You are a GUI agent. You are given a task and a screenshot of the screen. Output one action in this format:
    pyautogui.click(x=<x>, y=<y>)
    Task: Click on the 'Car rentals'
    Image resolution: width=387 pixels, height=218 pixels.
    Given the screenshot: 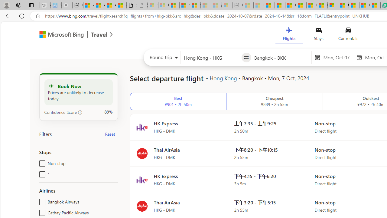 What is the action you would take?
    pyautogui.click(x=348, y=35)
    